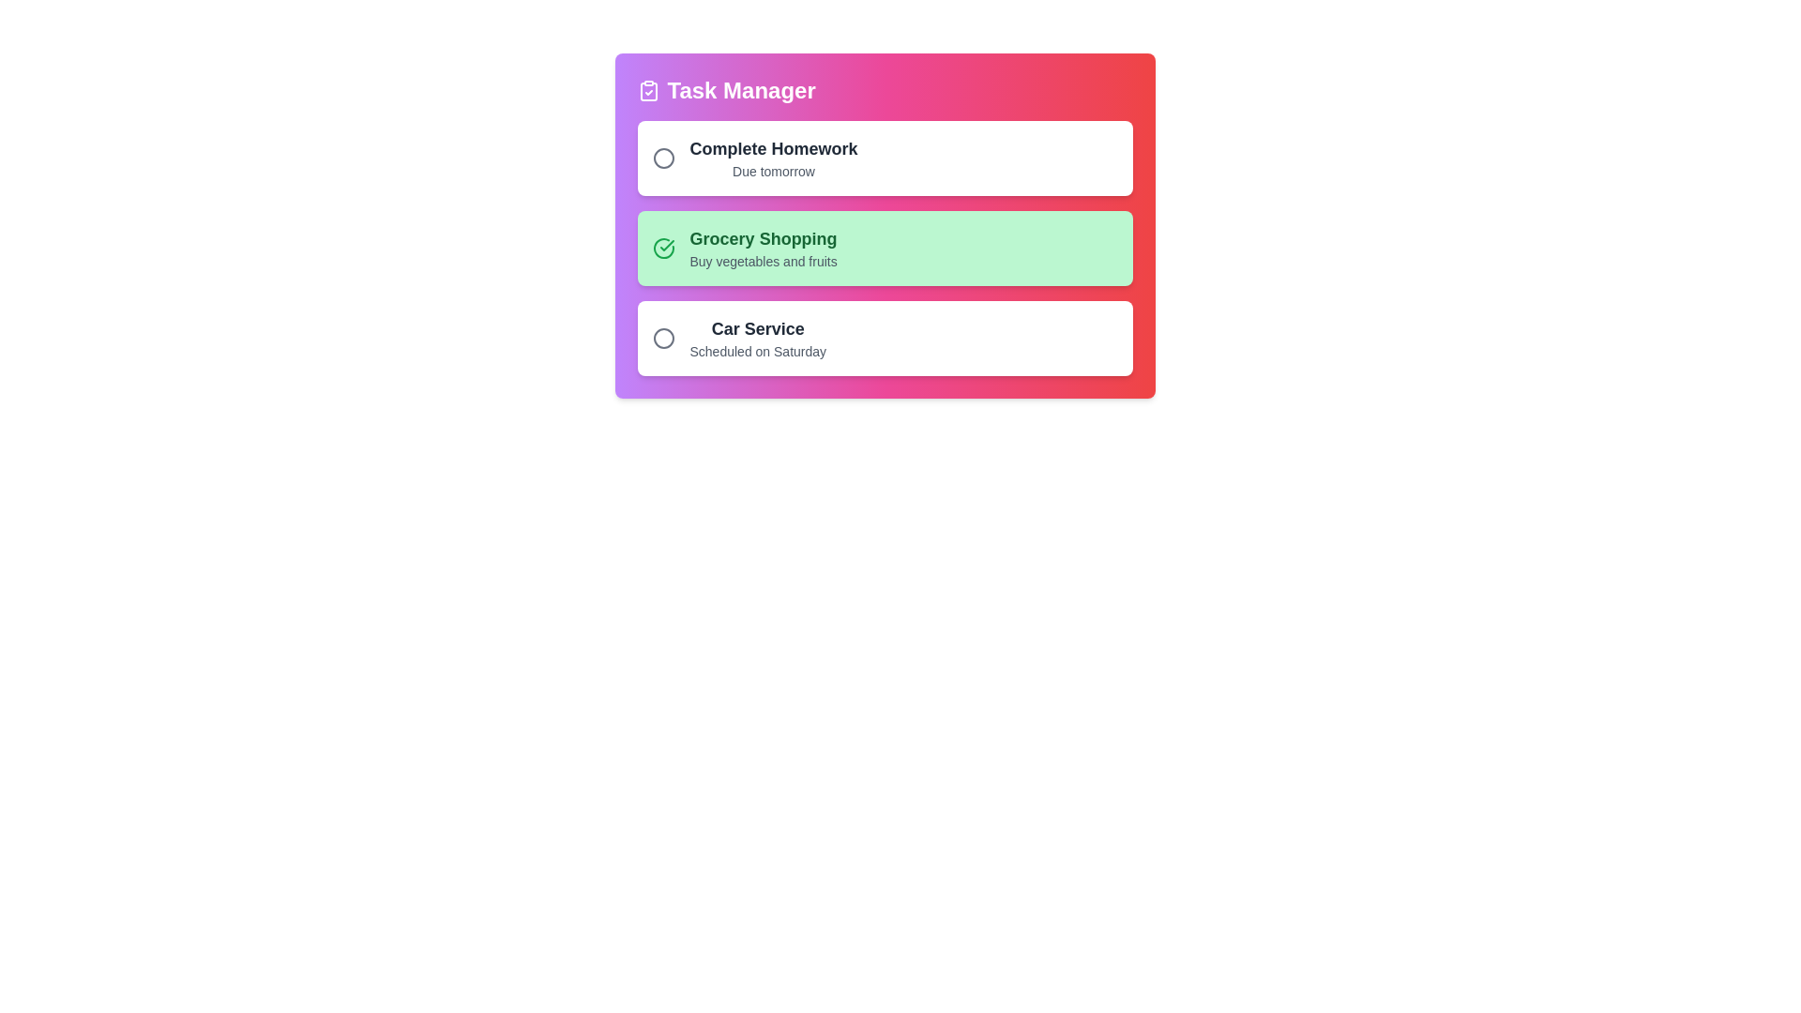  I want to click on the circle next to the task titled 'Car Service' to mark it as completed, so click(663, 339).